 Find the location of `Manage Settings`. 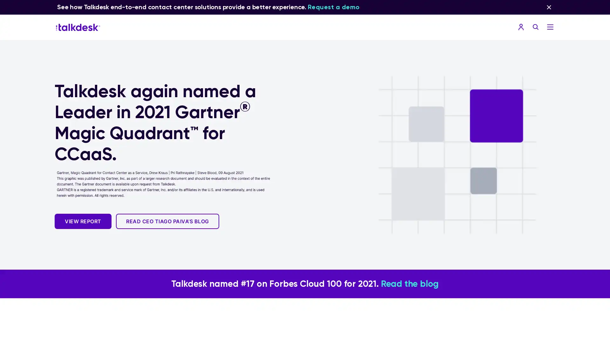

Manage Settings is located at coordinates (249, 185).